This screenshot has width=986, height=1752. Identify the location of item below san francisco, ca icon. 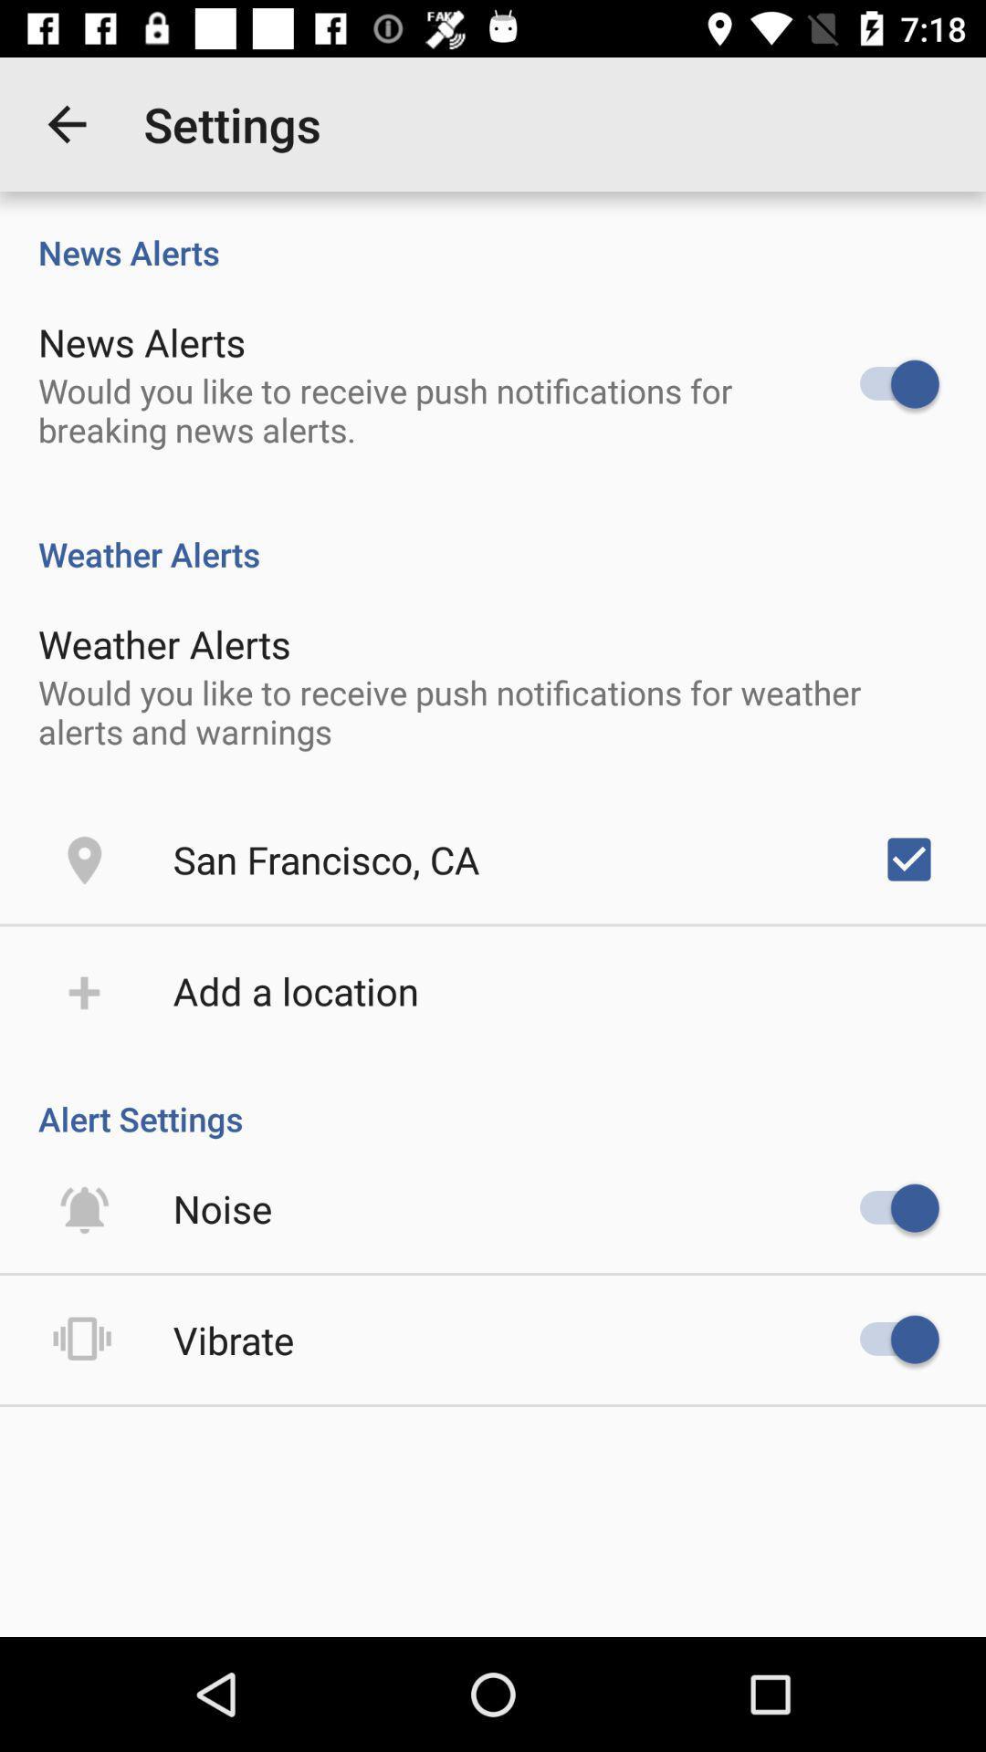
(295, 989).